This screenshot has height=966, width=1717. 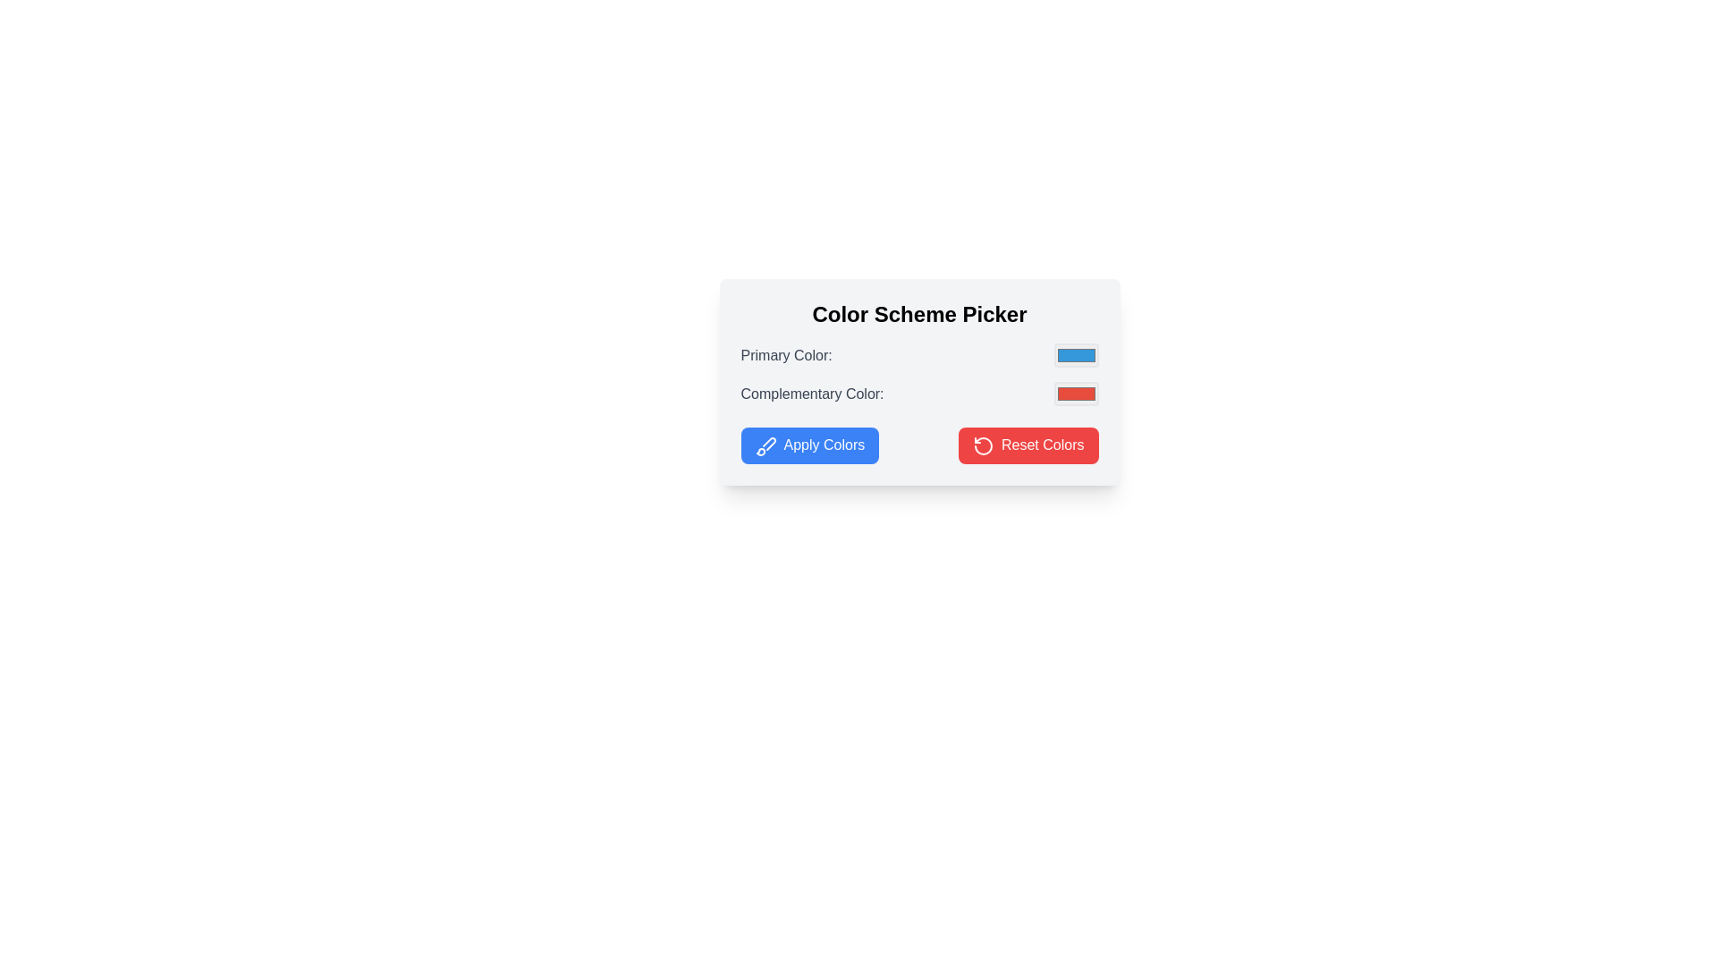 I want to click on the button labeled 'Apply Colors' that contains the decorative brush tool icon to apply colors, so click(x=765, y=445).